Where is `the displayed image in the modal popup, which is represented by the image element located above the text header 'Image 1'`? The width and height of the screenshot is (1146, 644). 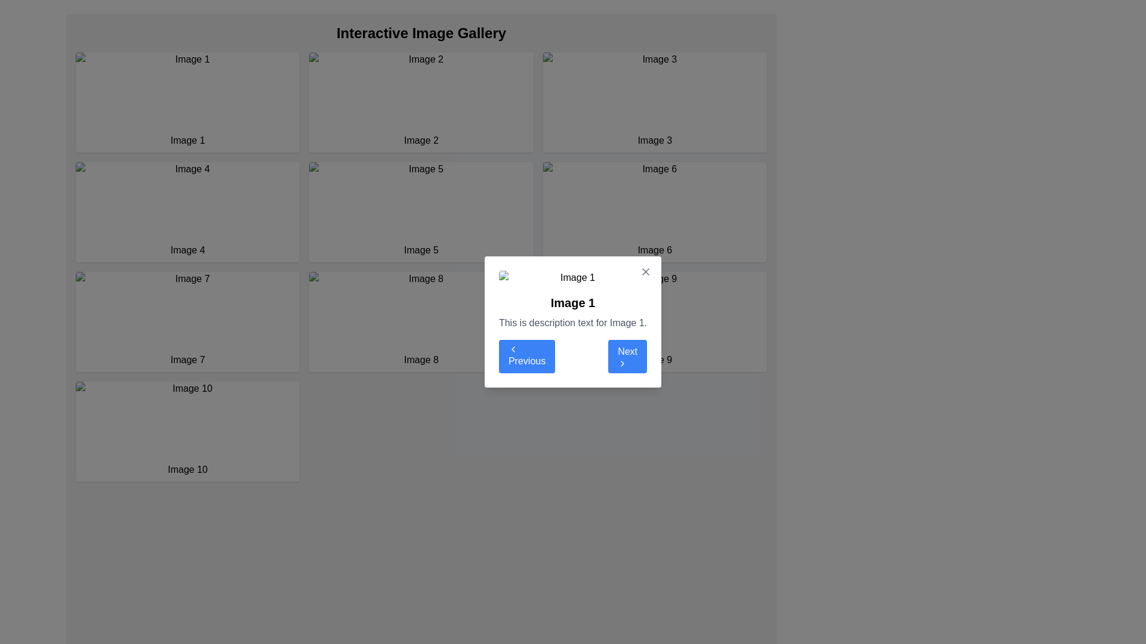
the displayed image in the modal popup, which is represented by the image element located above the text header 'Image 1' is located at coordinates (573, 278).